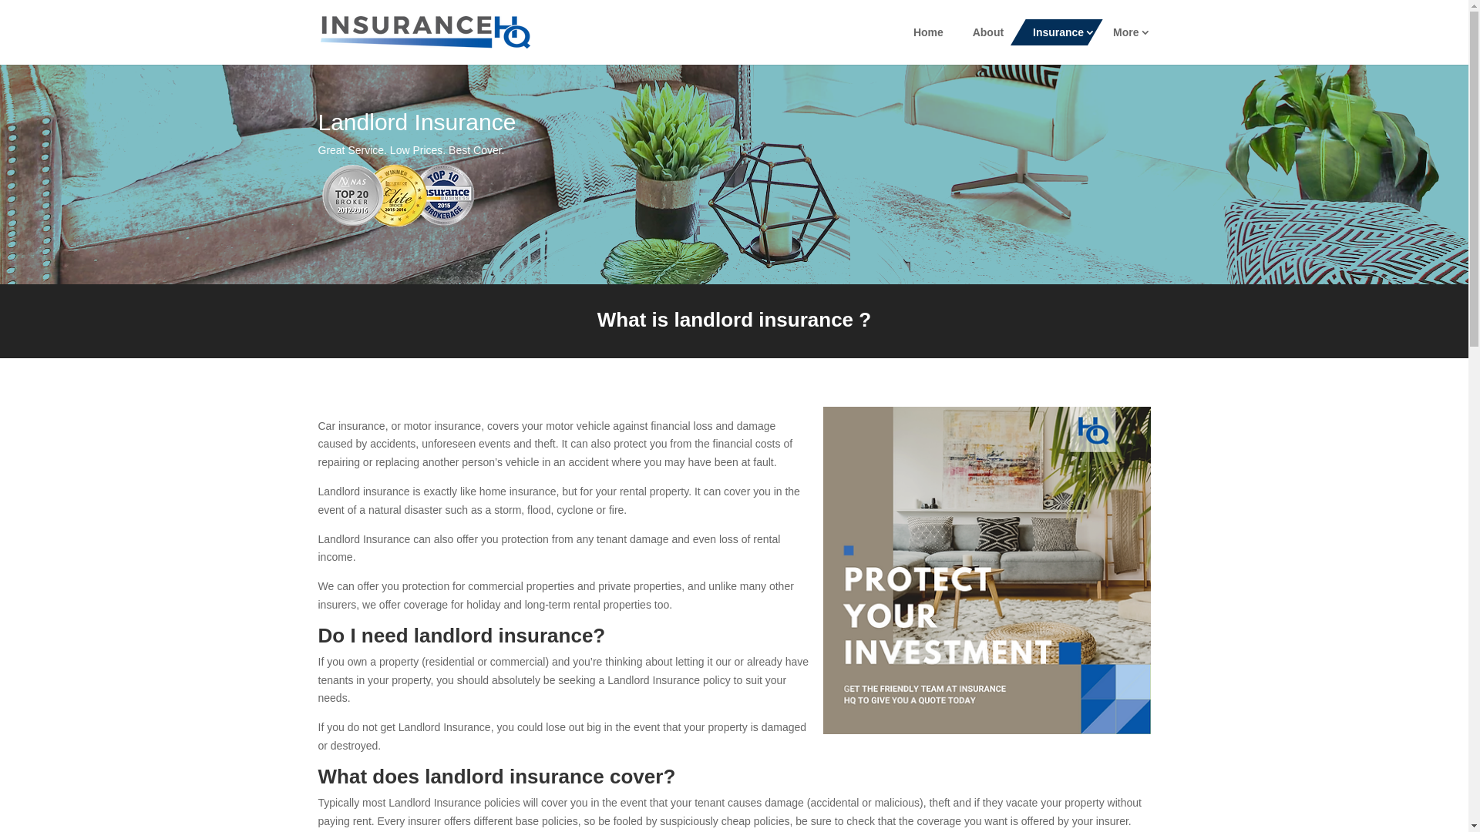 The image size is (1480, 832). Describe the element at coordinates (987, 32) in the screenshot. I see `'About'` at that location.